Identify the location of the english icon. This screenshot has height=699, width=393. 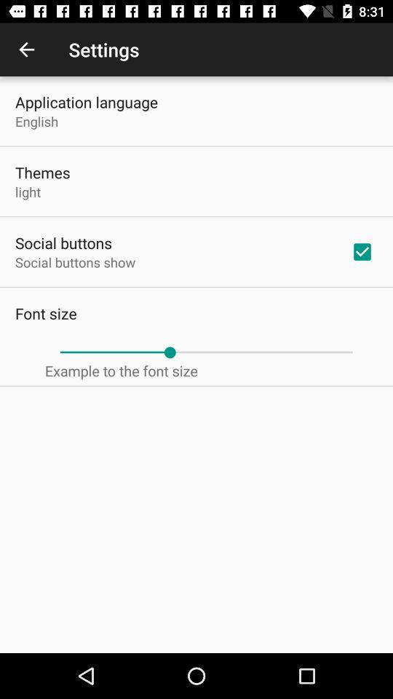
(36, 120).